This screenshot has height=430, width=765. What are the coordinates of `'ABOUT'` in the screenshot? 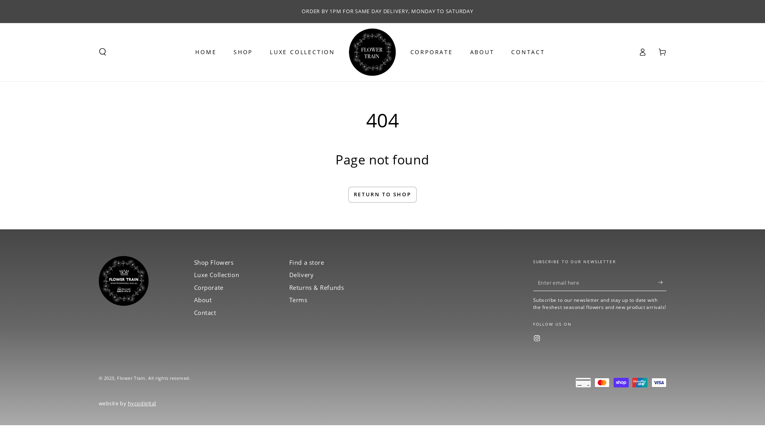 It's located at (481, 52).